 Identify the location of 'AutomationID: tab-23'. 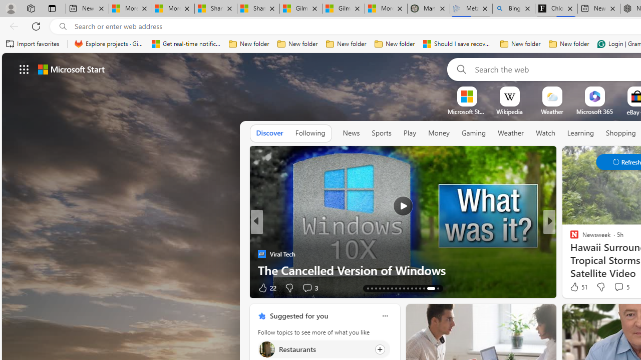
(391, 288).